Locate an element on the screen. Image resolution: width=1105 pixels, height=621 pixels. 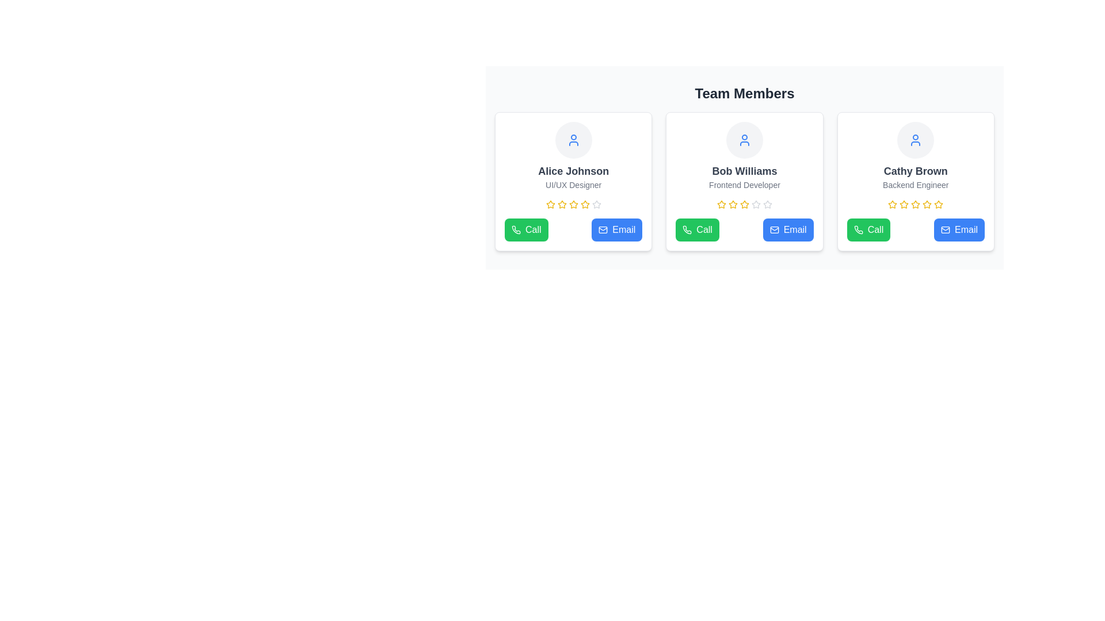
the 'Call' action button located in the card for 'Bob Williams' in the 'Team Members' section is located at coordinates (697, 230).